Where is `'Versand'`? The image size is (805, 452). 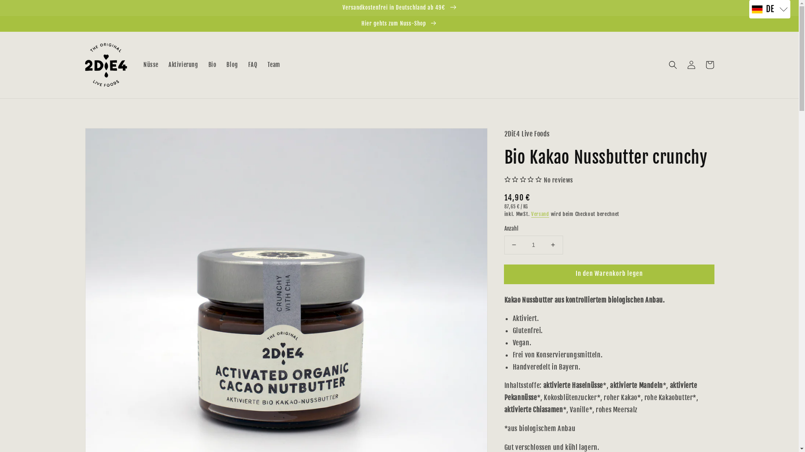 'Versand' is located at coordinates (540, 213).